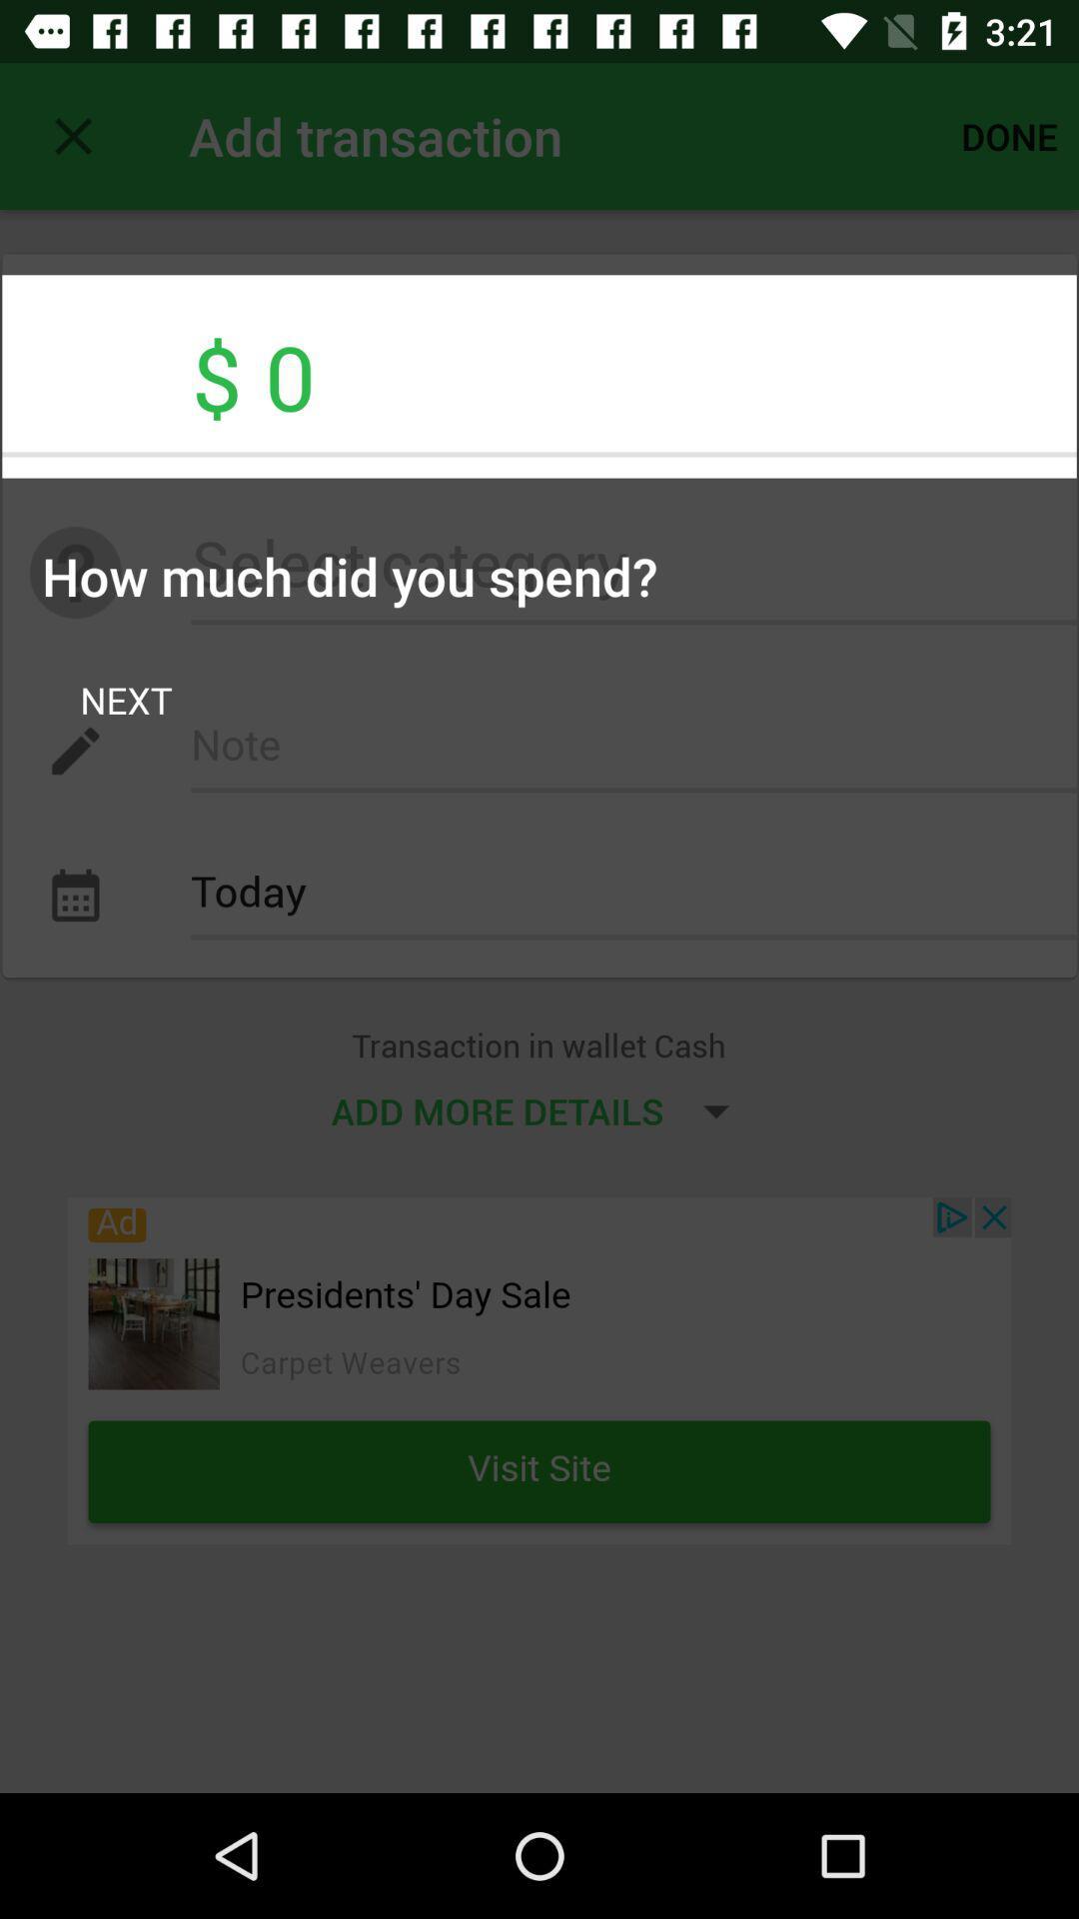  I want to click on the icon above the $ 0 item, so click(1009, 135).